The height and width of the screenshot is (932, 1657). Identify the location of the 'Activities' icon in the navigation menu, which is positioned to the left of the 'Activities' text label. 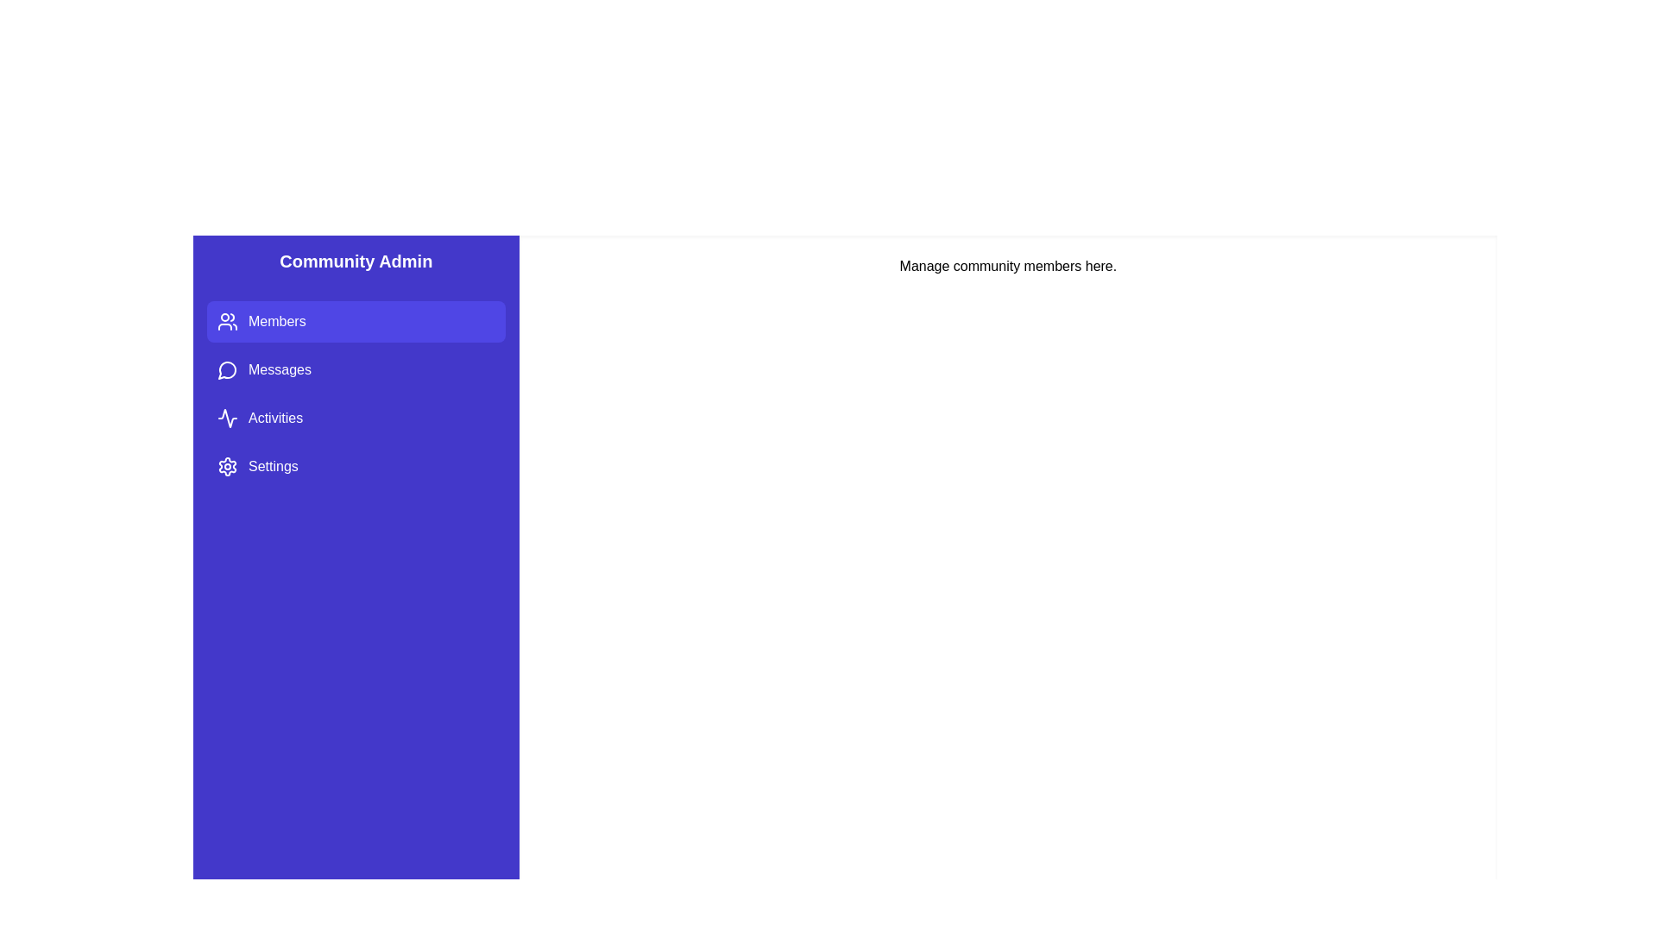
(227, 419).